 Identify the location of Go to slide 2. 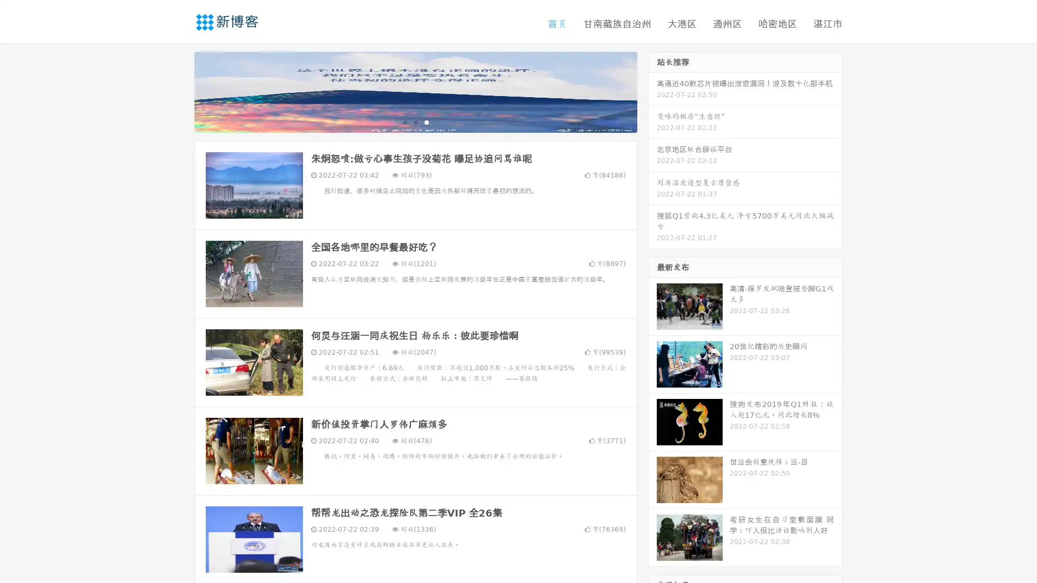
(415, 121).